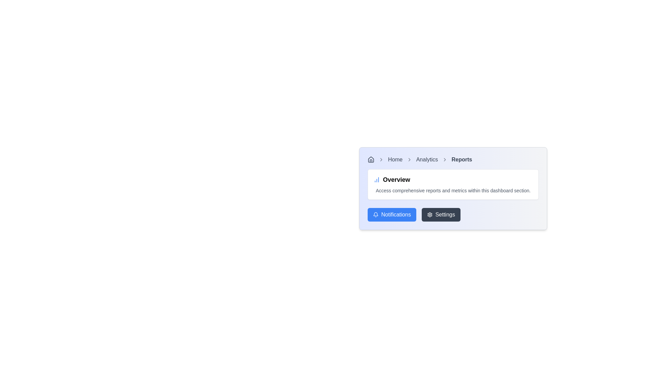 The width and height of the screenshot is (653, 367). Describe the element at coordinates (429, 215) in the screenshot. I see `the 'Settings' icon located at the bottom-right of the menu` at that location.